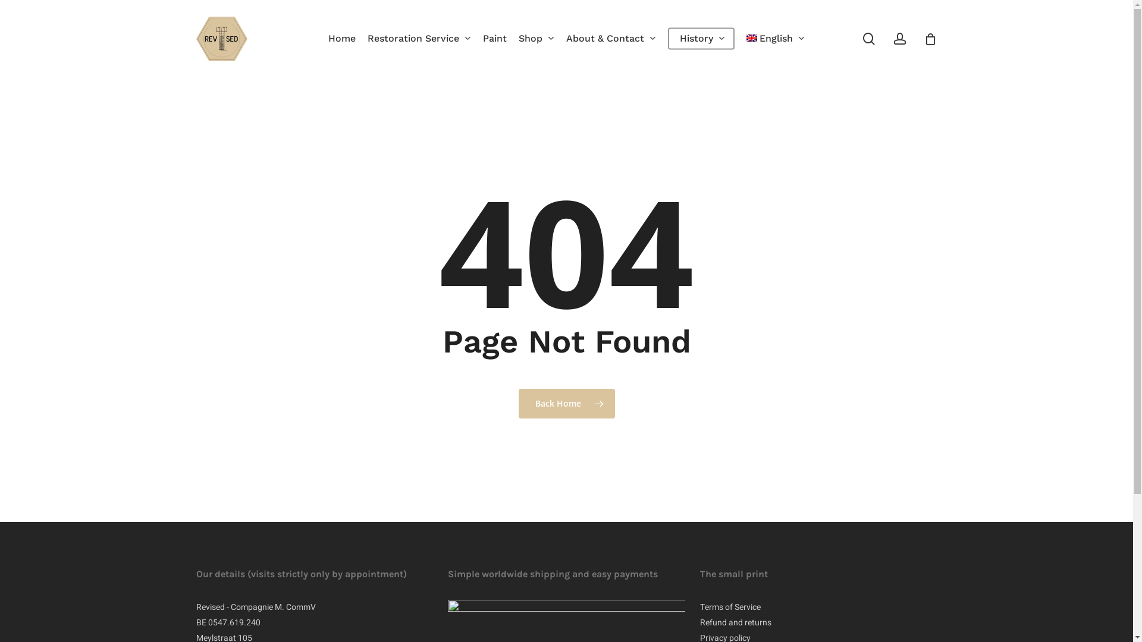  What do you see at coordinates (899, 38) in the screenshot?
I see `'account'` at bounding box center [899, 38].